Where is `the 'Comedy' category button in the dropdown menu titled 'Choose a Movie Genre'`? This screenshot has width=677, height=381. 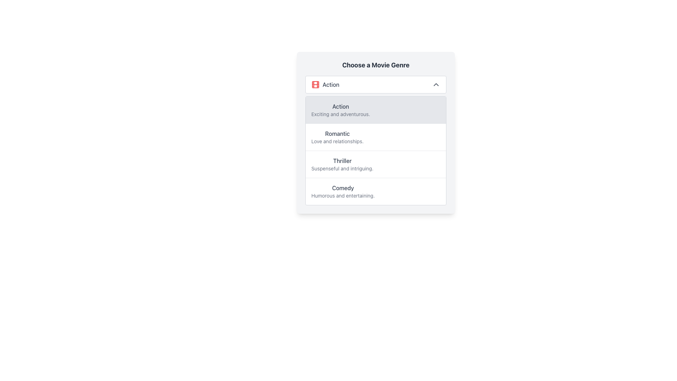
the 'Comedy' category button in the dropdown menu titled 'Choose a Movie Genre' is located at coordinates (375, 191).